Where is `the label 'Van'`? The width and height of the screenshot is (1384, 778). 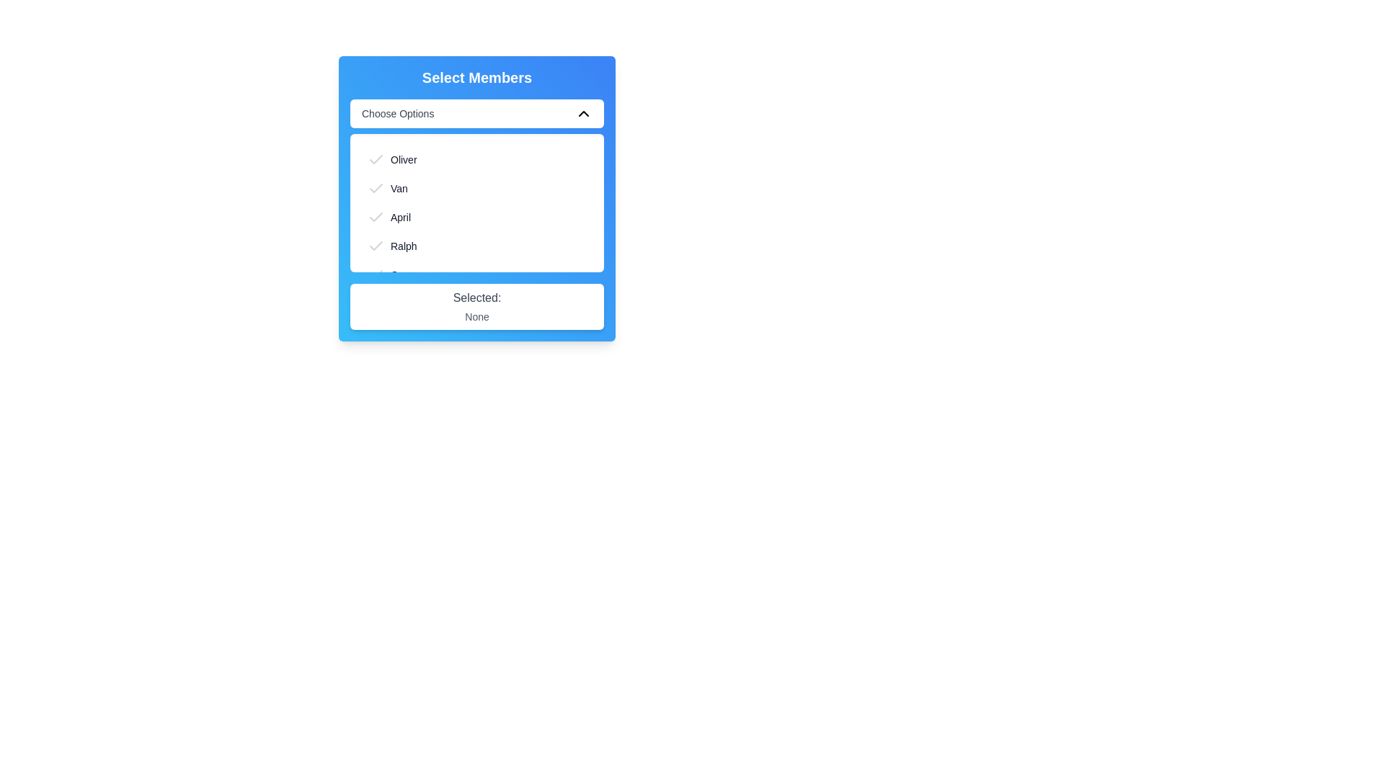 the label 'Van' is located at coordinates (399, 188).